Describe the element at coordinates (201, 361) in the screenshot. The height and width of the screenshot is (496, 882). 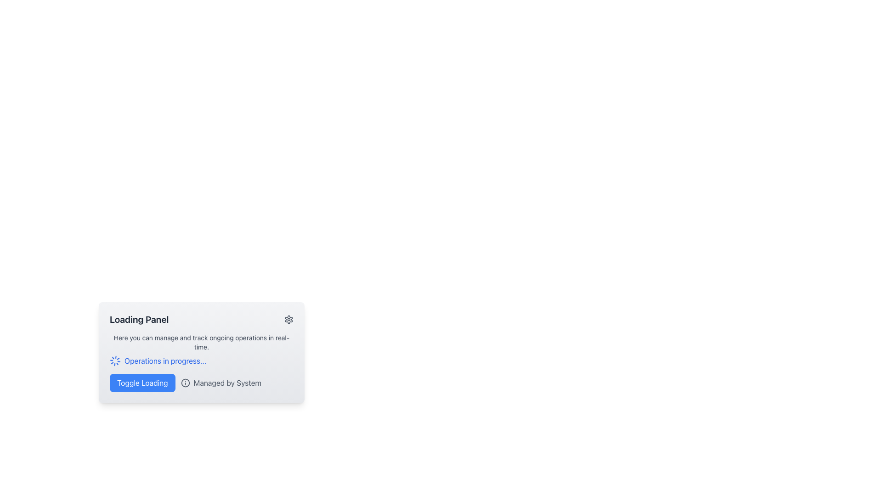
I see `the loader graphic next to the informational text 'Operations in progress...' to observe its animations` at that location.